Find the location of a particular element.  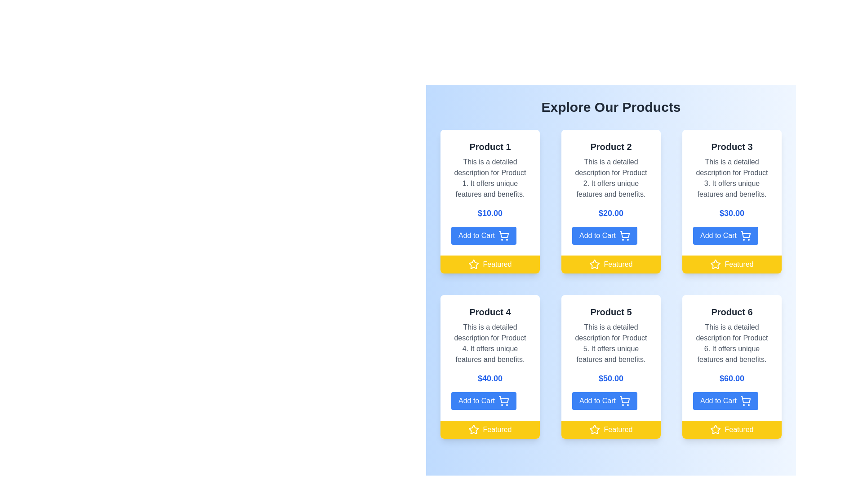

the 'Add to Cart' button, which is a rectangular button with a blue background and white text, located at the bottom of the 'Product 3' card is located at coordinates (725, 235).